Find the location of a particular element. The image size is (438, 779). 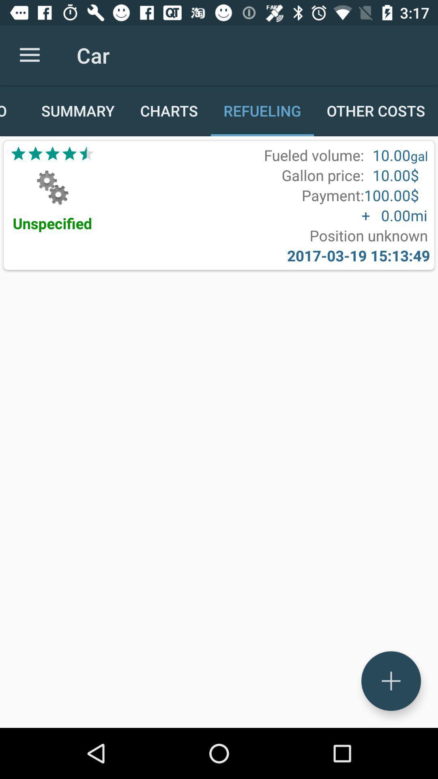

the icon to the left of the position unknown icon is located at coordinates (52, 223).